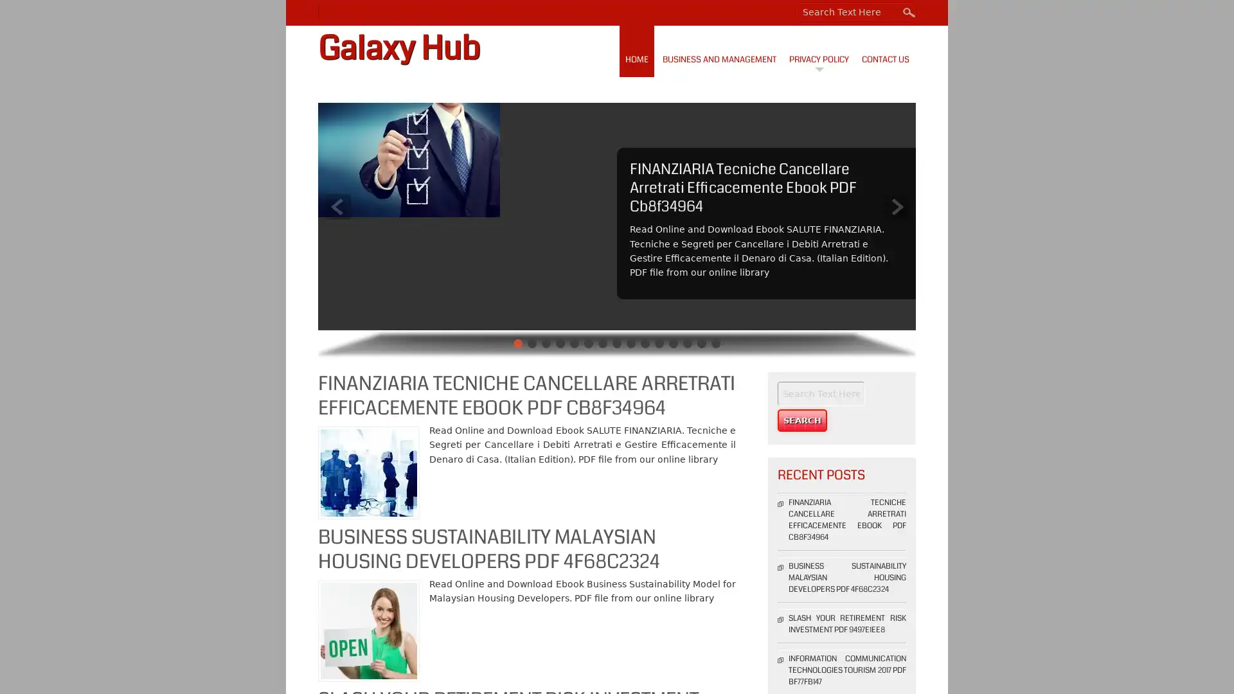  What do you see at coordinates (801, 420) in the screenshot?
I see `Search` at bounding box center [801, 420].